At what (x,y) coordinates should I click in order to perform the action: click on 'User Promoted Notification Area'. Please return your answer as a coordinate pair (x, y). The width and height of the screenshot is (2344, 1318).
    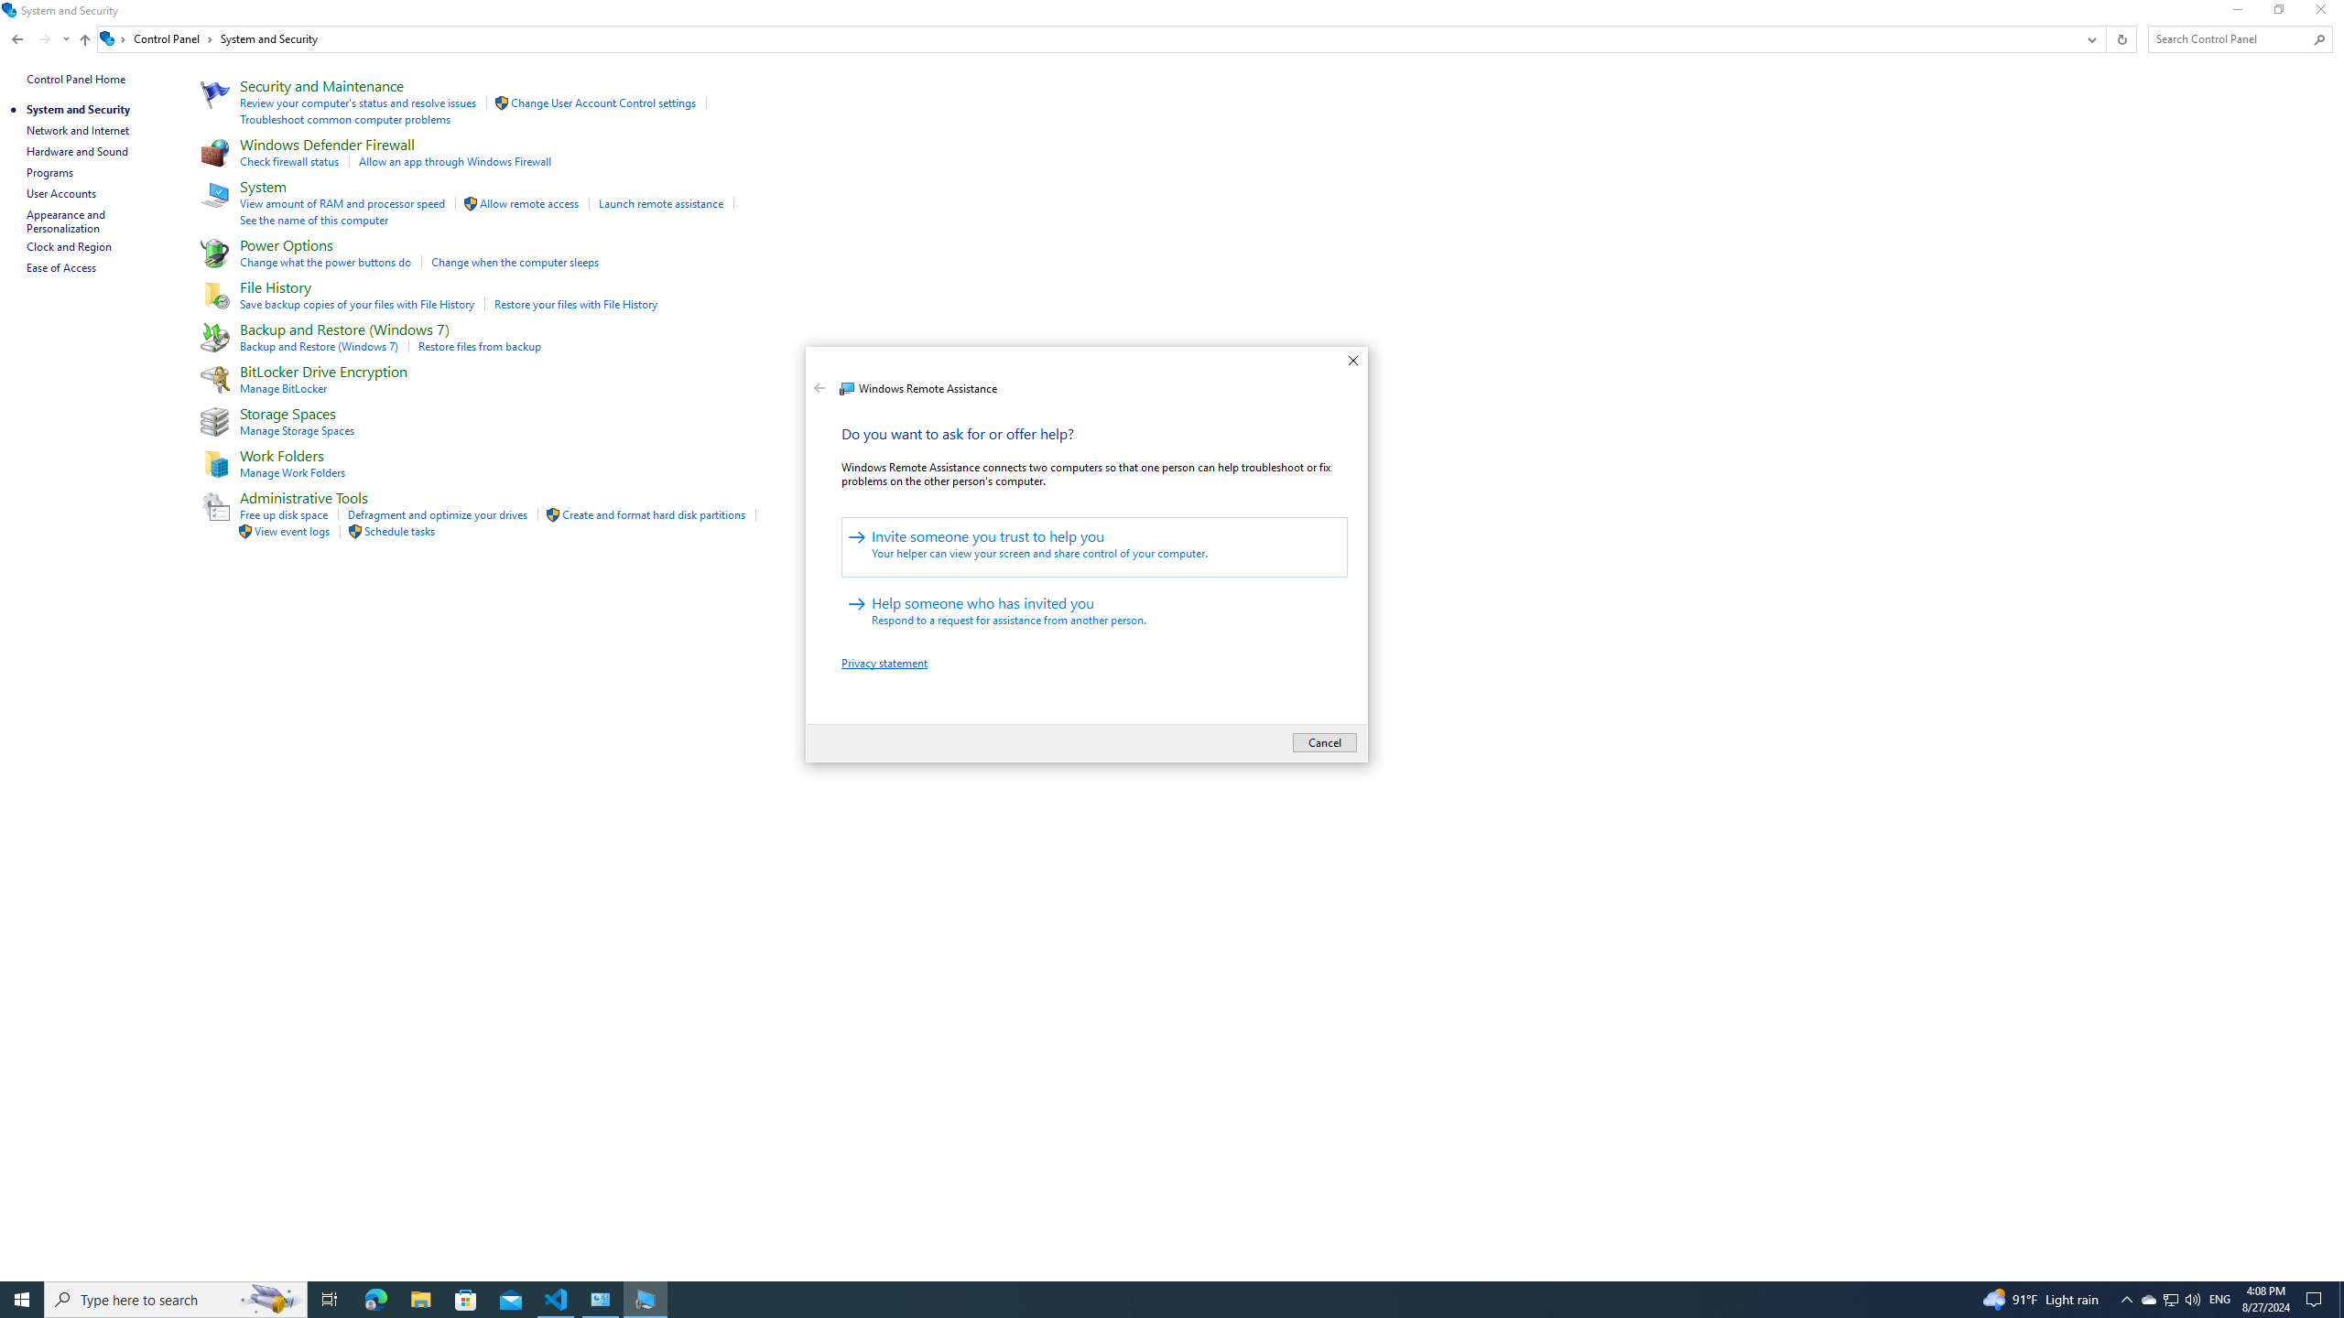
    Looking at the image, I should click on (2169, 1298).